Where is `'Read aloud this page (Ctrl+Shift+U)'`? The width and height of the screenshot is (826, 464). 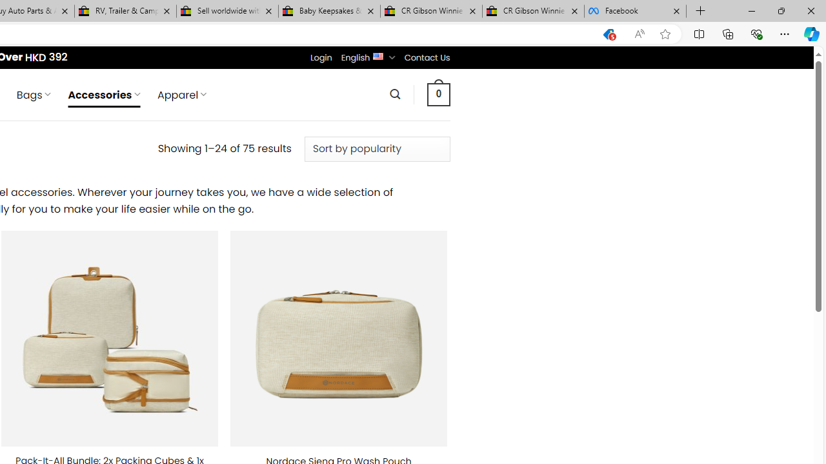 'Read aloud this page (Ctrl+Shift+U)' is located at coordinates (640, 34).